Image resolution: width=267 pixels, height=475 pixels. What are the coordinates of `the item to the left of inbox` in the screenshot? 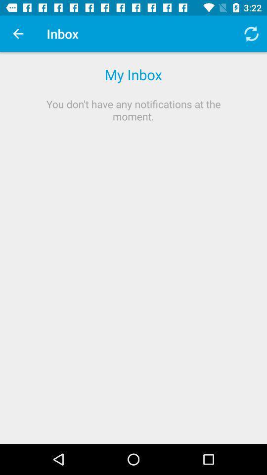 It's located at (18, 34).